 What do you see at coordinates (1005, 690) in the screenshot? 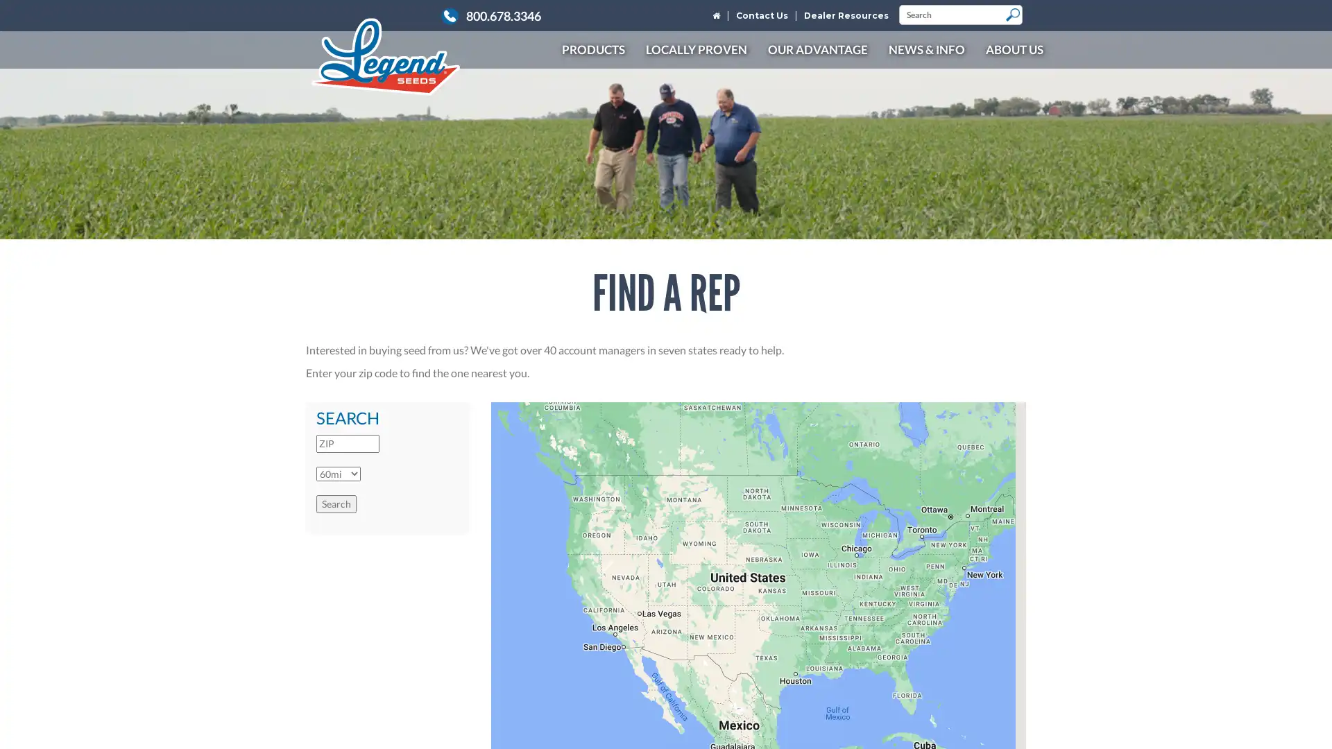
I see `Zoom in` at bounding box center [1005, 690].